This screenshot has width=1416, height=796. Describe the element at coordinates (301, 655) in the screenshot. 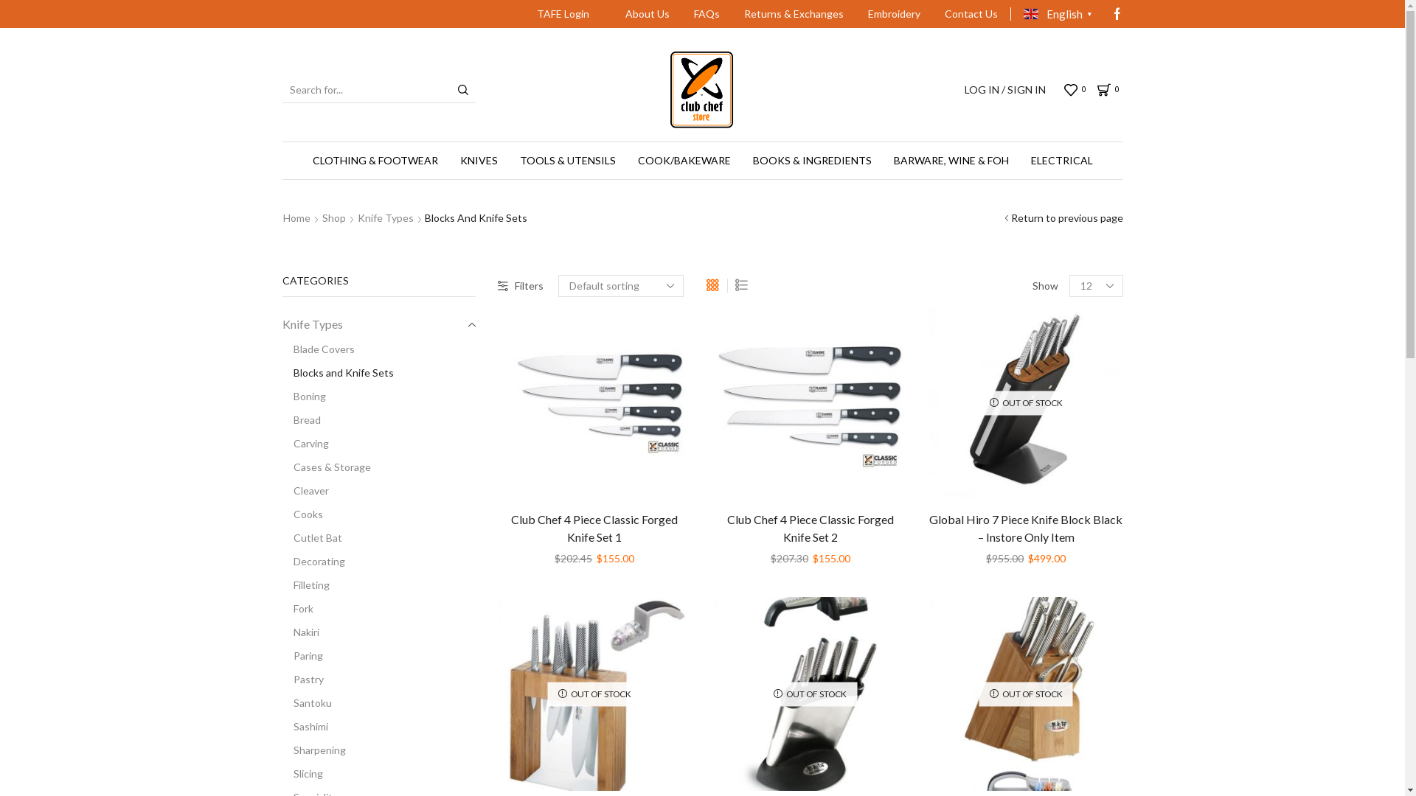

I see `'Paring'` at that location.